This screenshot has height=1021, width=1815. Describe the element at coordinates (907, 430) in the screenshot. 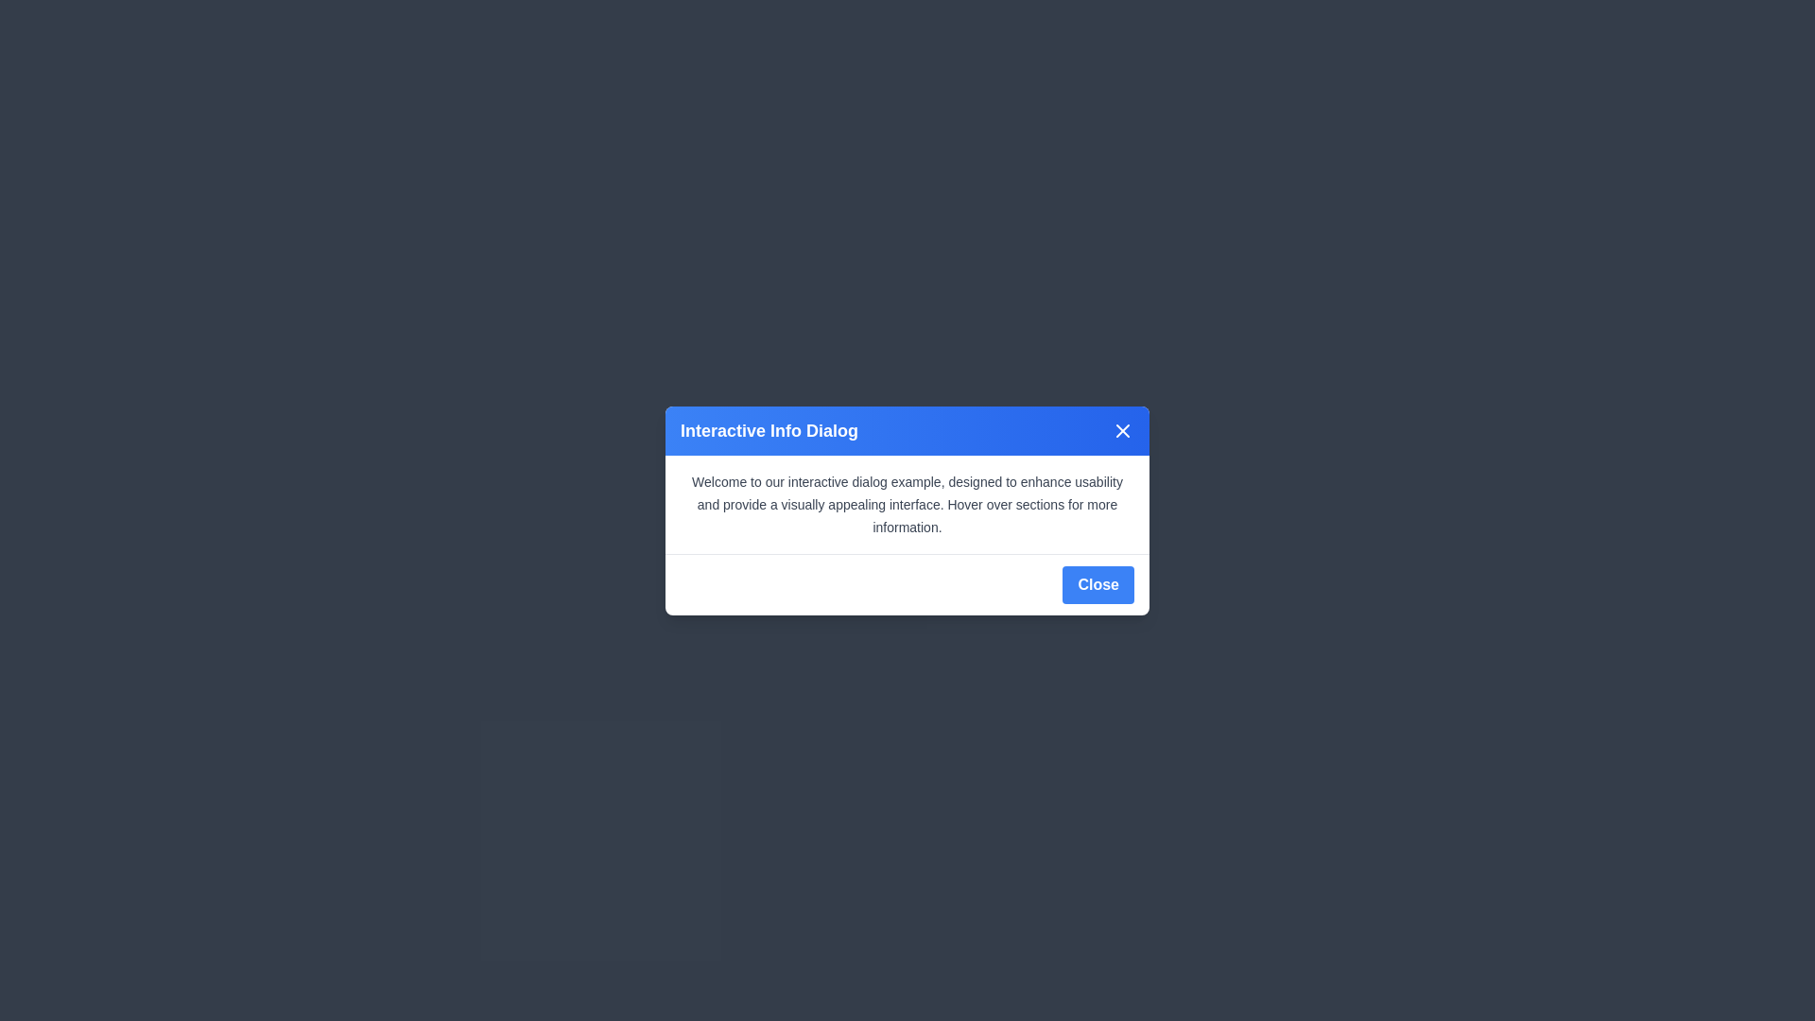

I see `the section titled header to reveal additional information` at that location.